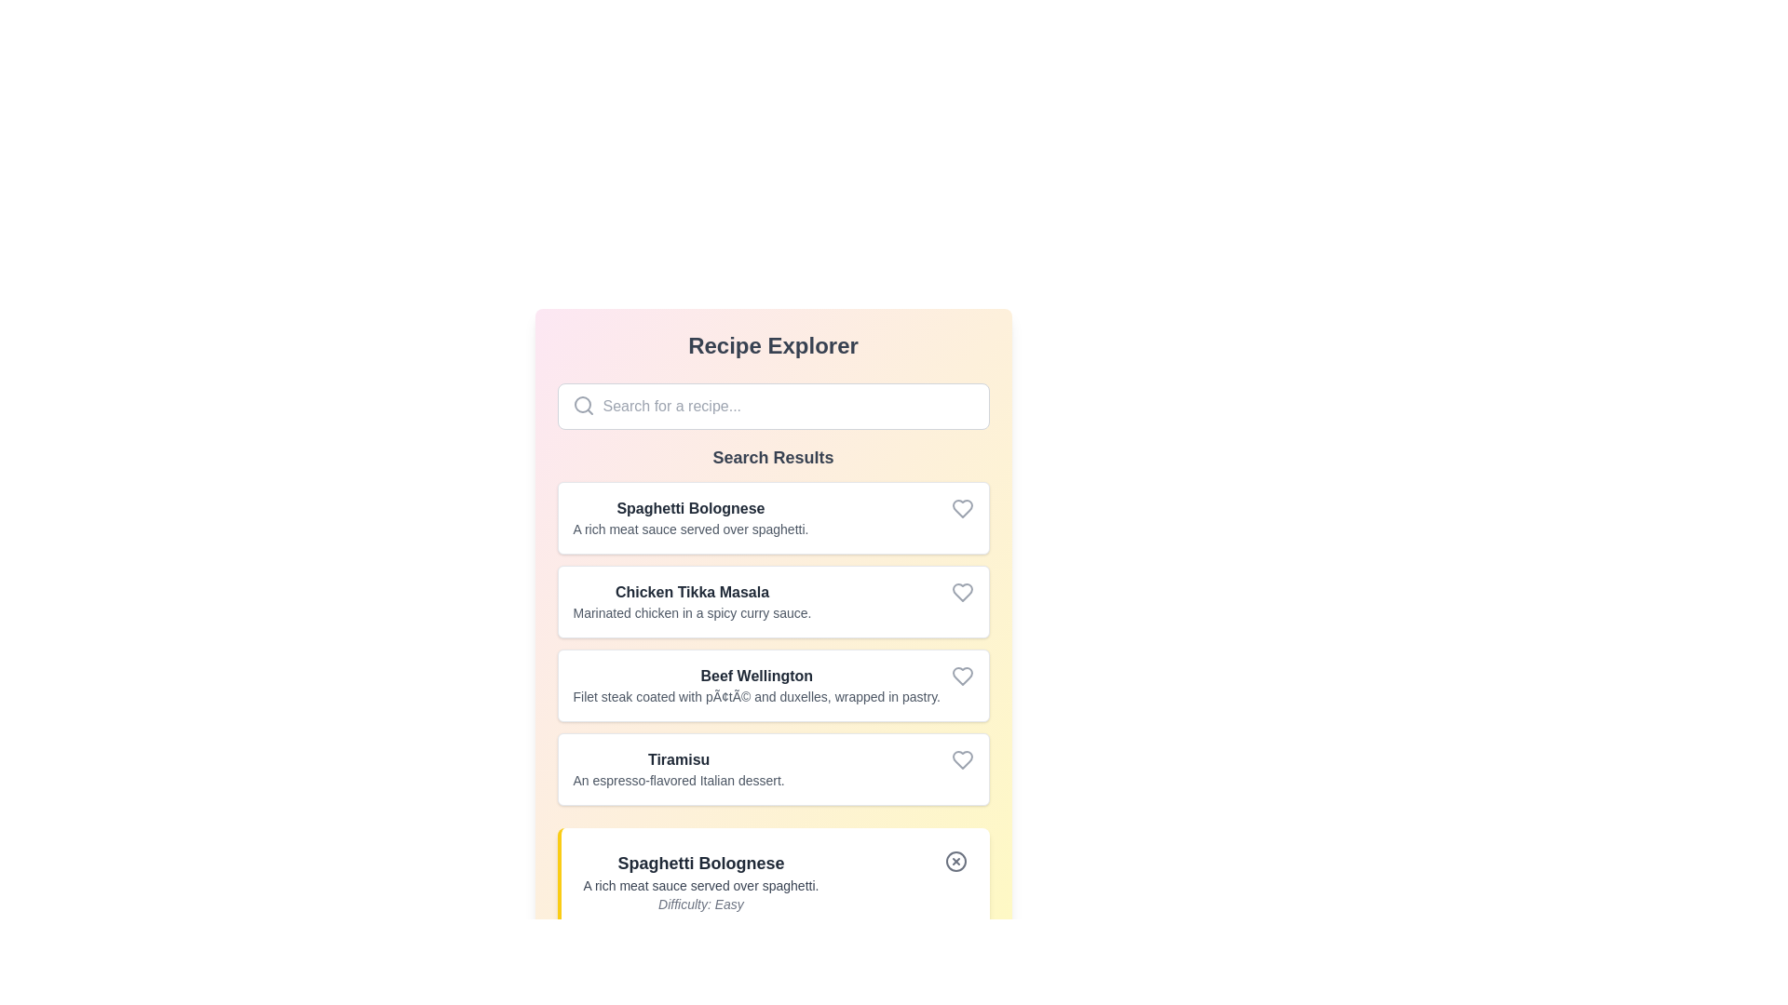 The height and width of the screenshot is (1005, 1788). I want to click on to select the first recipe entry in the list, which displays the name and description of the recipe above 'Chicken Tikka Masala', so click(689, 517).